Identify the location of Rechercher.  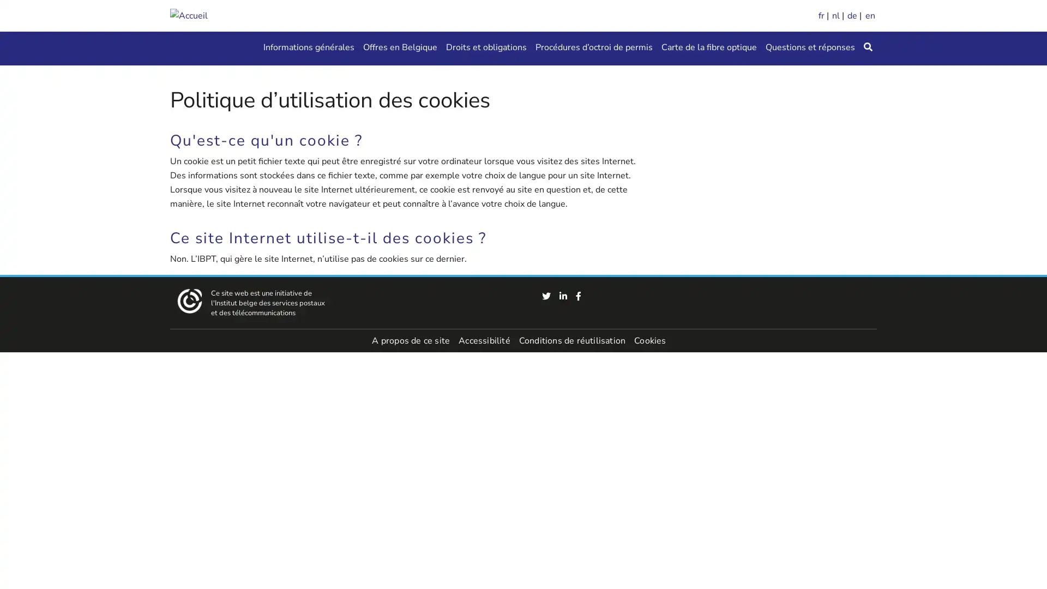
(868, 47).